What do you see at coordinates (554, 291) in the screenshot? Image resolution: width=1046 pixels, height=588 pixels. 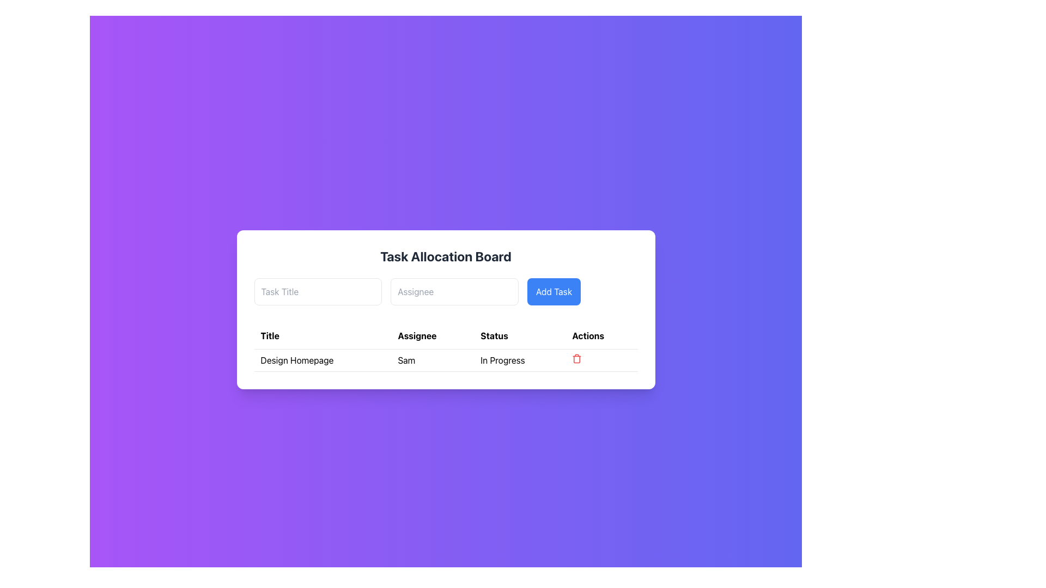 I see `the 'Add Task' button located at the rightmost position of the task input layout to observe the hover effect` at bounding box center [554, 291].